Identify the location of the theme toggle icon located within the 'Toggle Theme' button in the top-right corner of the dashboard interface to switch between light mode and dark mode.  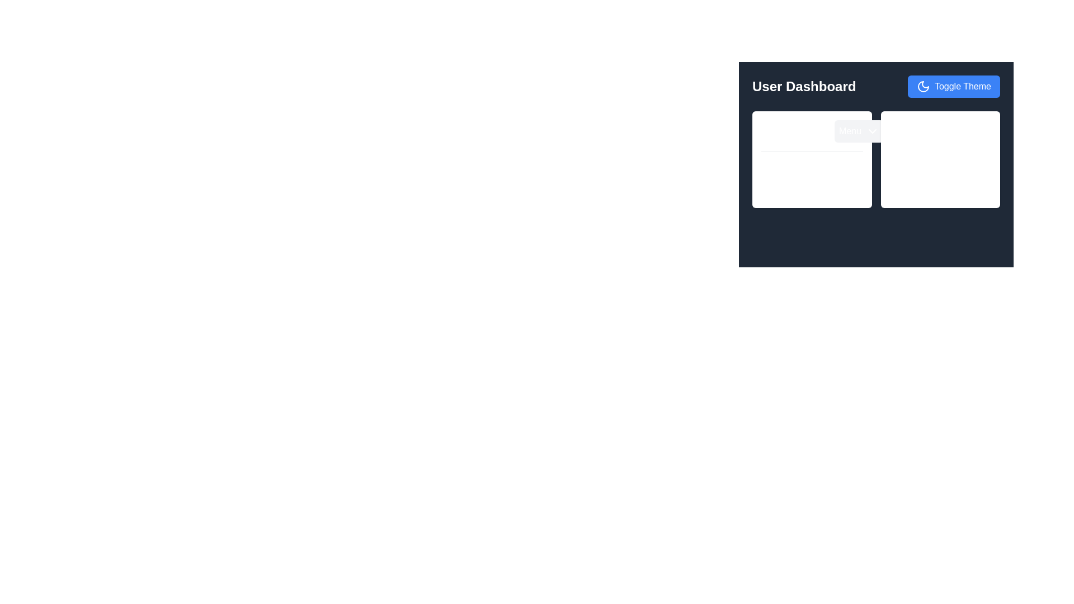
(923, 86).